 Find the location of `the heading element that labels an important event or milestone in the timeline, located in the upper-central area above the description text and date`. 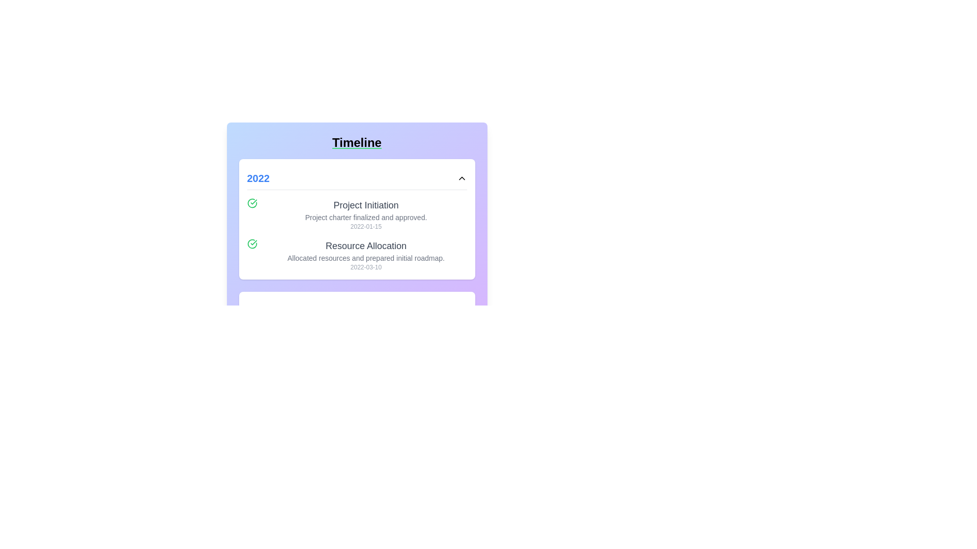

the heading element that labels an important event or milestone in the timeline, located in the upper-central area above the description text and date is located at coordinates (366, 205).